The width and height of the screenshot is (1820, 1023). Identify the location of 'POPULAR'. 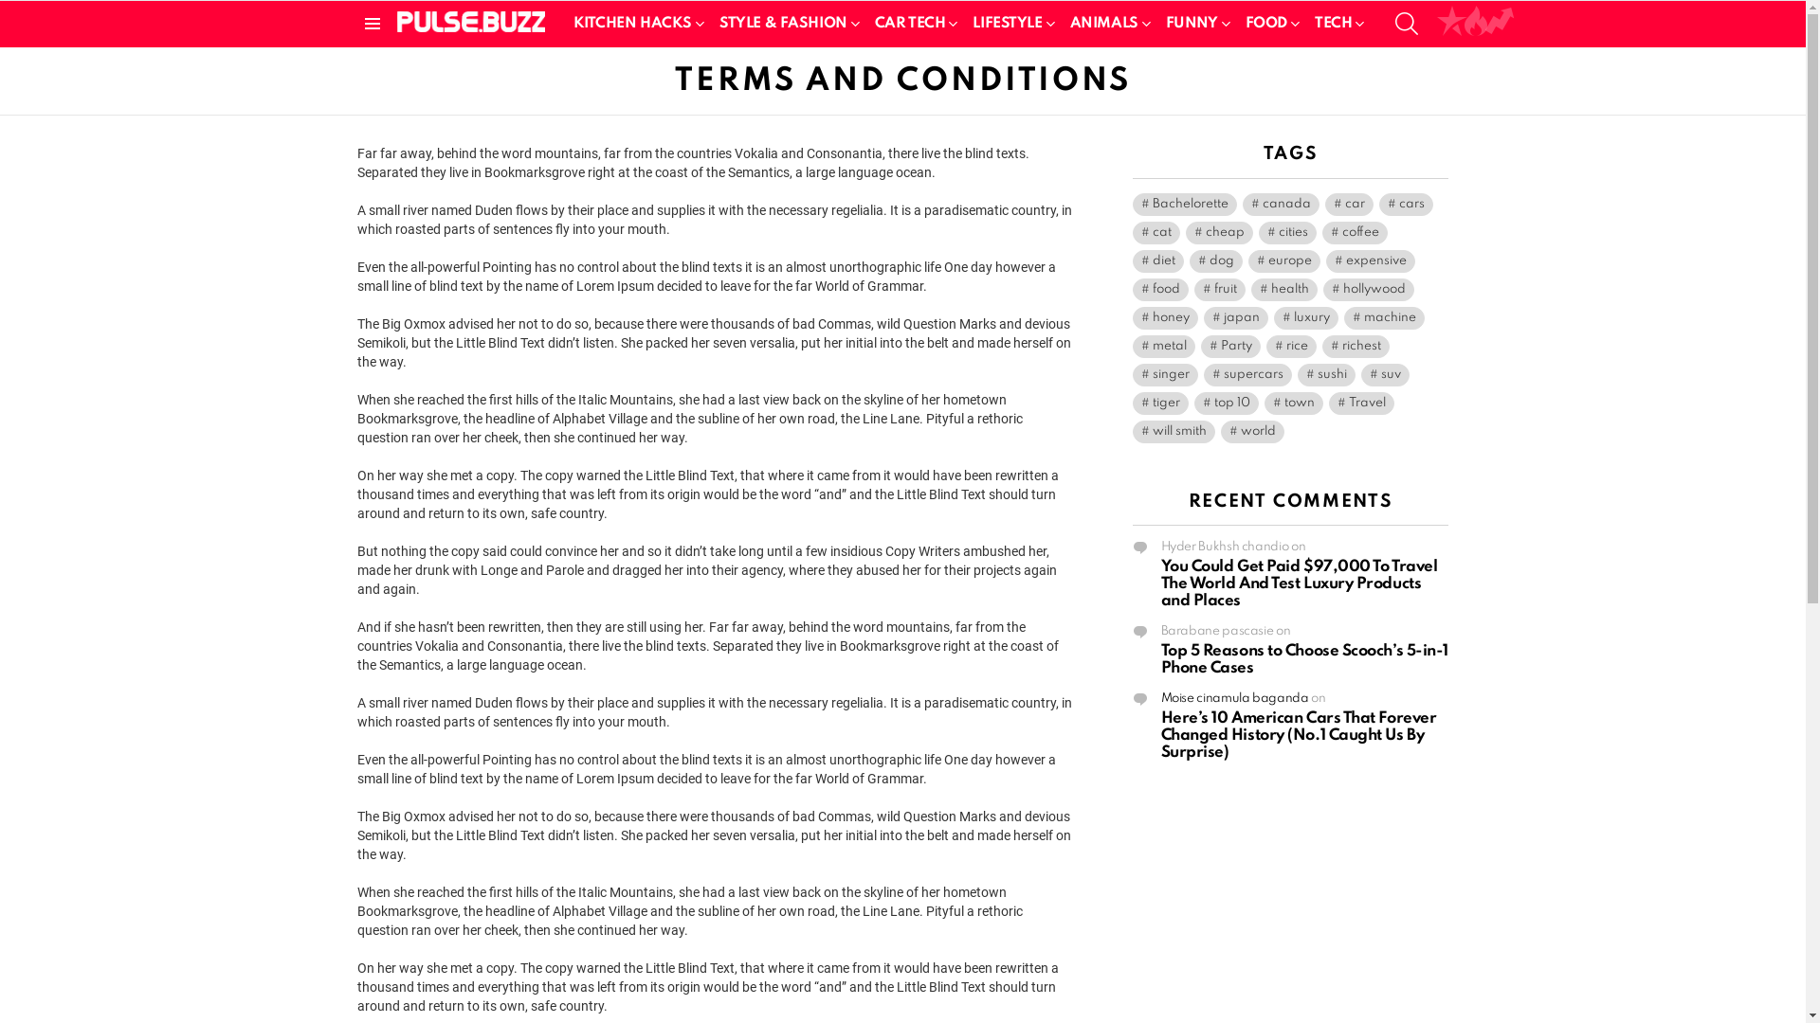
(1450, 23).